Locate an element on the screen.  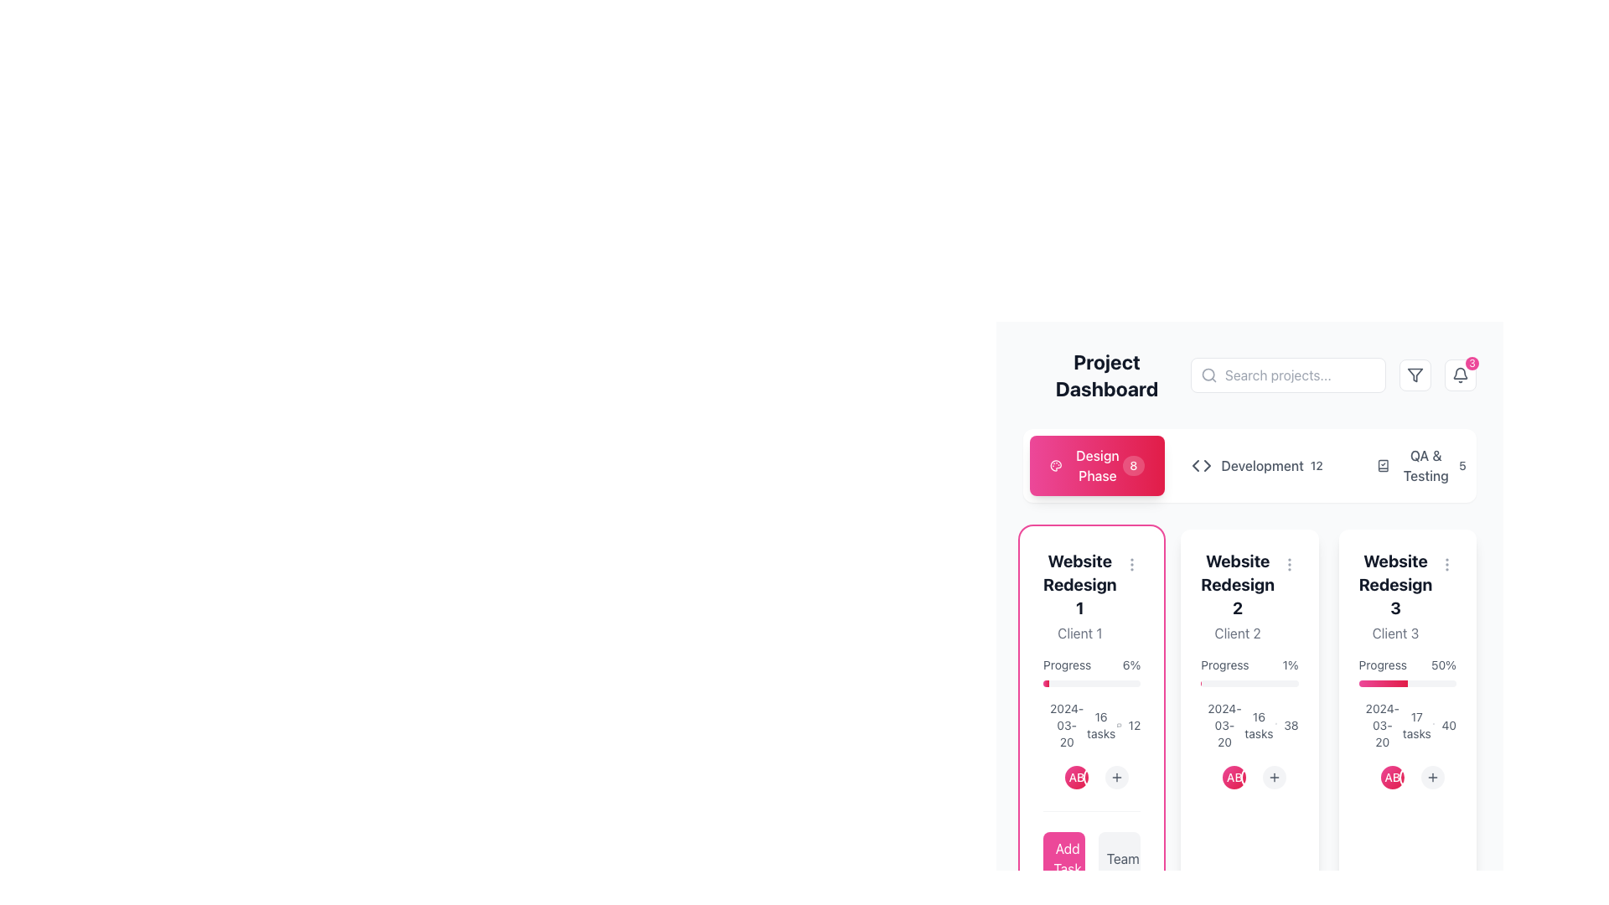
the static text label displaying 'Website Redesign 2', which is bold and large, located in the top-left quadrant of the card in the second column of a grid layout is located at coordinates (1238, 584).